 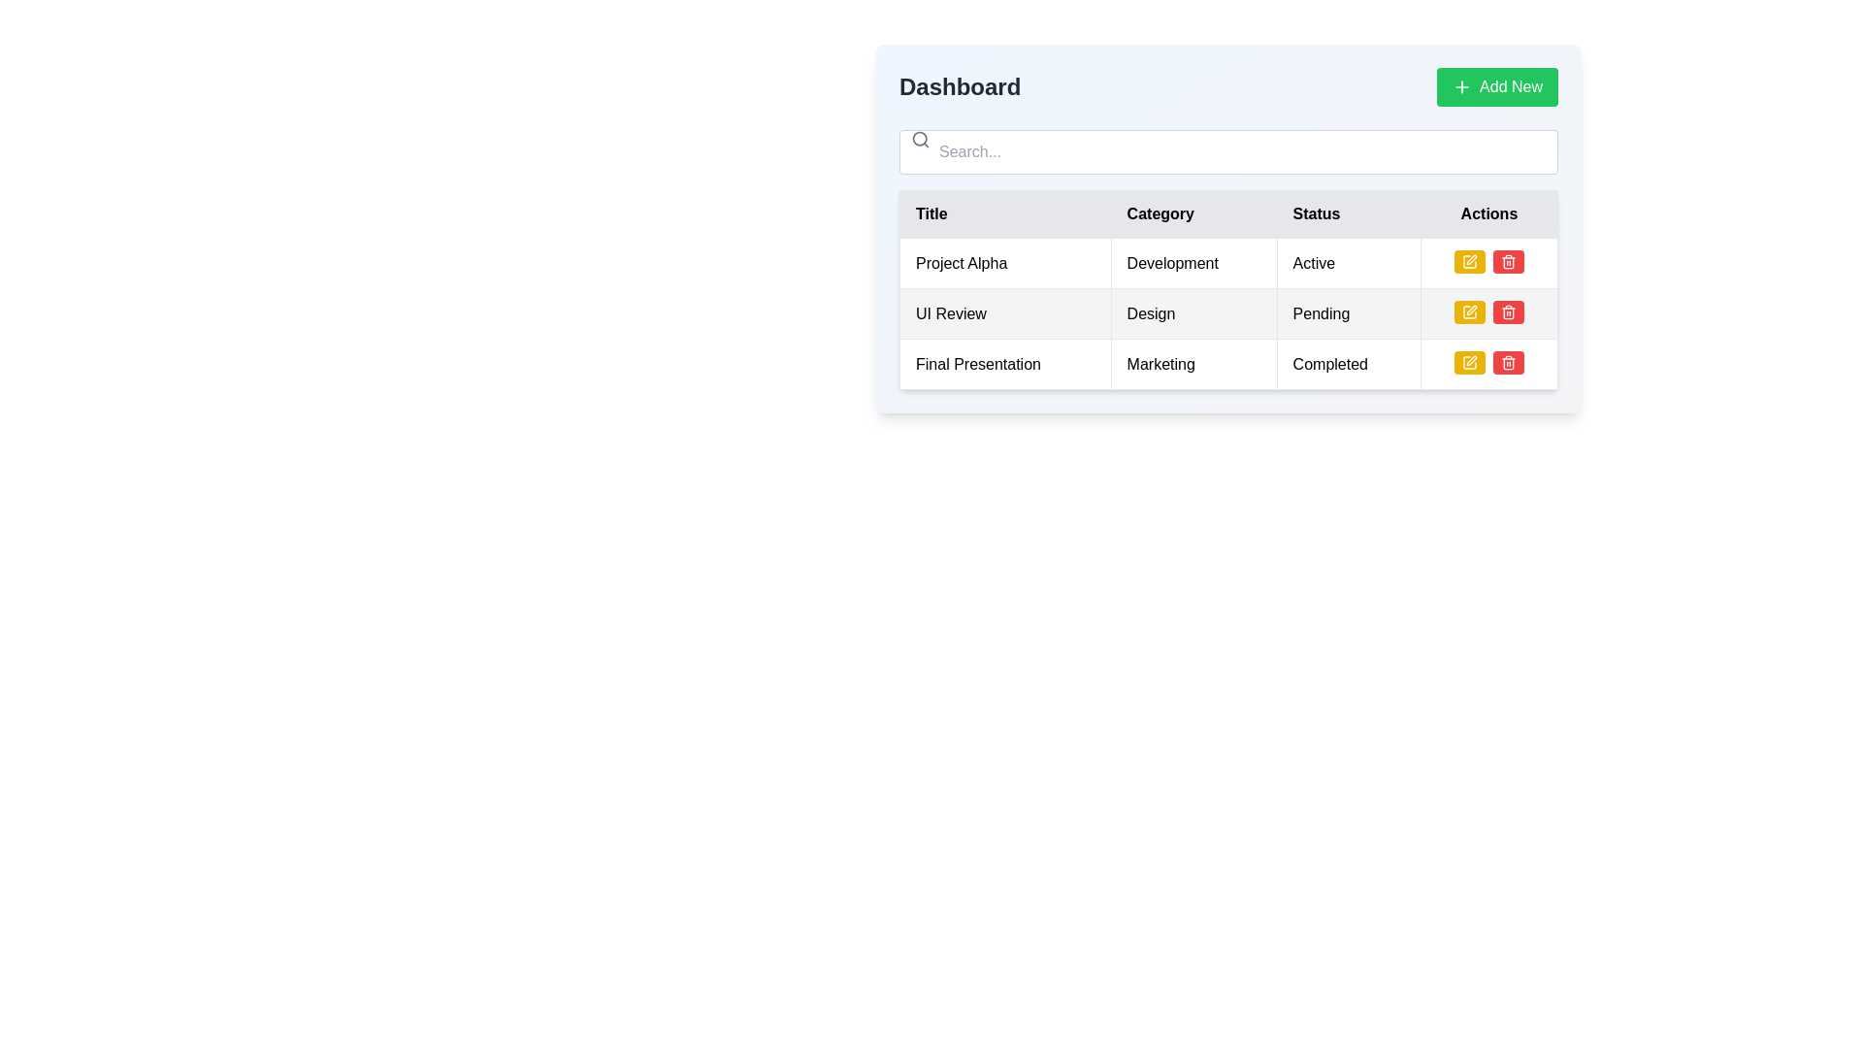 I want to click on the '+' icon within the green 'Add New' button located at the top-right corner of the visible card interface, so click(x=1462, y=85).